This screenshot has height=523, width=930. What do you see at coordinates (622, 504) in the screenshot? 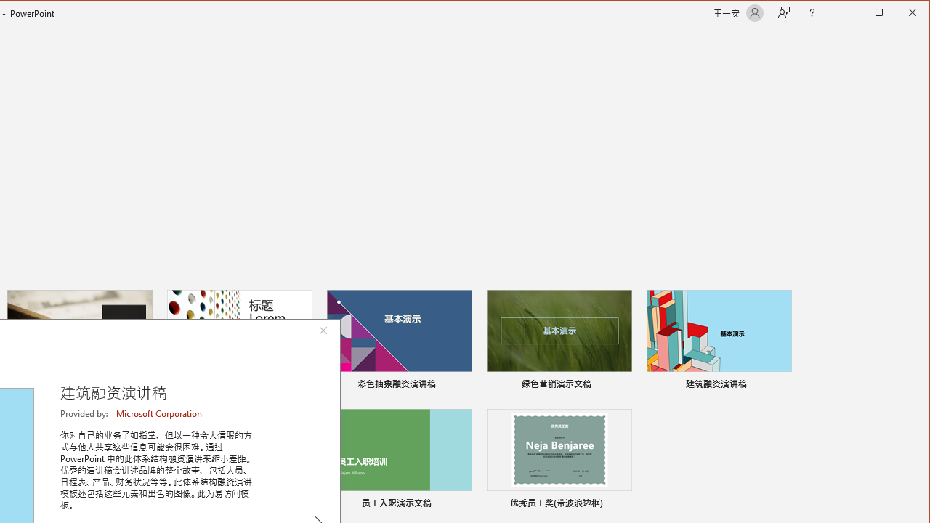
I see `'Pin to list'` at bounding box center [622, 504].